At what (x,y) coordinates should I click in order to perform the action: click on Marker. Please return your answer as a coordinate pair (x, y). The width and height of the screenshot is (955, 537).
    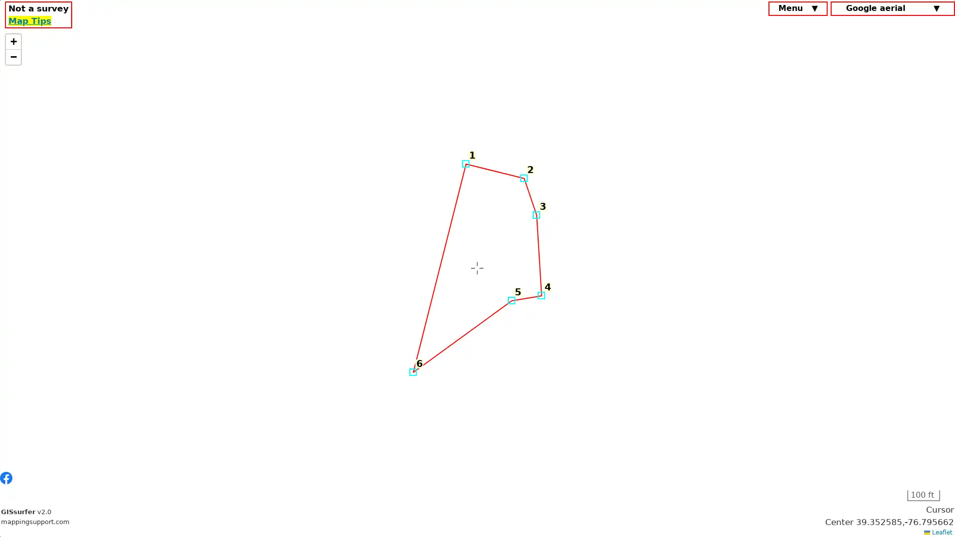
    Looking at the image, I should click on (413, 372).